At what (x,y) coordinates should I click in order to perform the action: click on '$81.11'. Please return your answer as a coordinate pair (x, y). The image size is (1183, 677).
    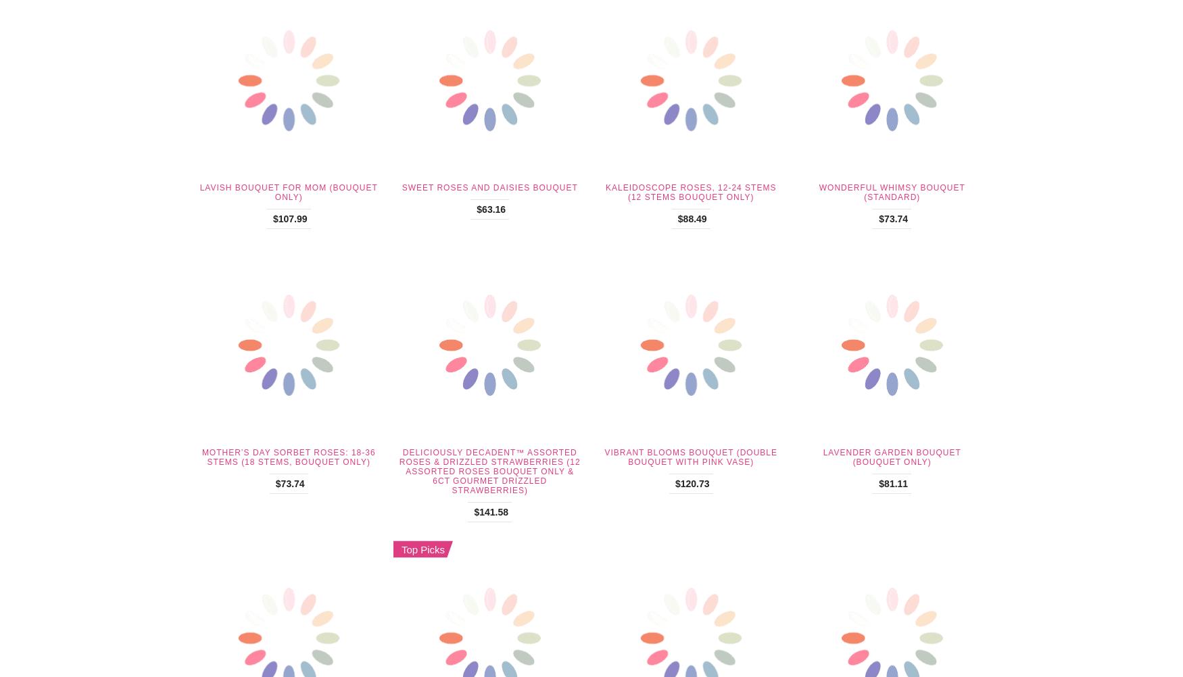
    Looking at the image, I should click on (893, 483).